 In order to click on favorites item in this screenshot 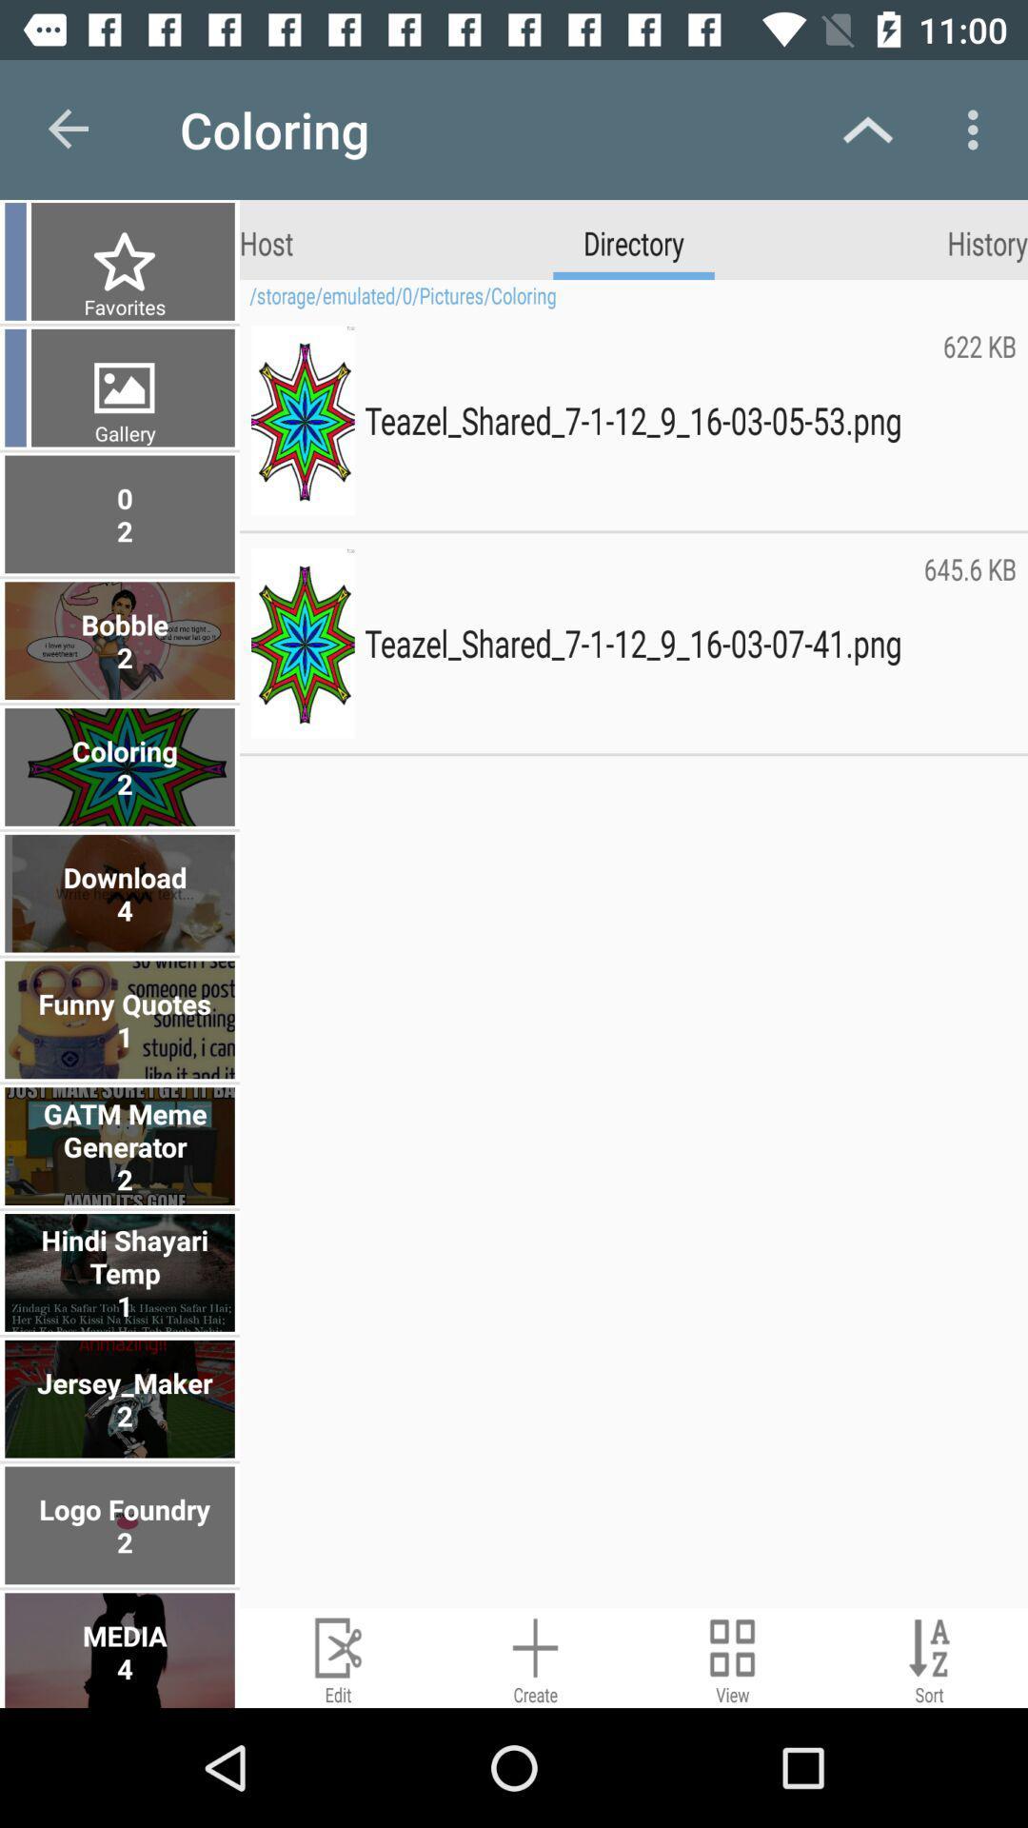, I will do `click(122, 307)`.